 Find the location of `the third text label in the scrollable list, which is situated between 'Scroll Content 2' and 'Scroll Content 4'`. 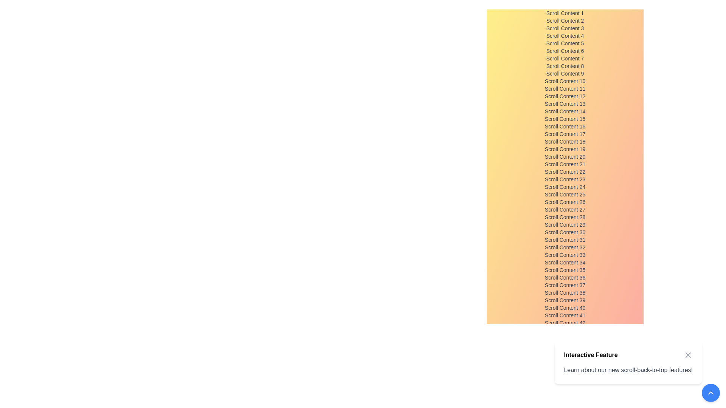

the third text label in the scrollable list, which is situated between 'Scroll Content 2' and 'Scroll Content 4' is located at coordinates (565, 28).